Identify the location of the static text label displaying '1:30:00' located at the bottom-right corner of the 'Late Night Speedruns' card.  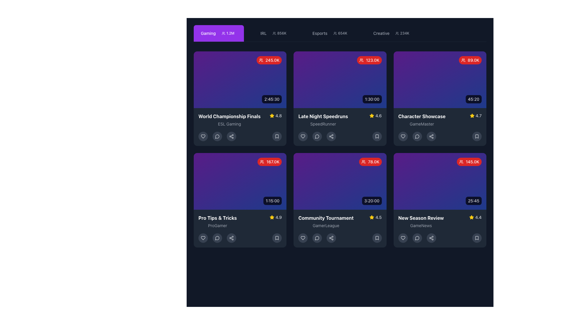
(372, 99).